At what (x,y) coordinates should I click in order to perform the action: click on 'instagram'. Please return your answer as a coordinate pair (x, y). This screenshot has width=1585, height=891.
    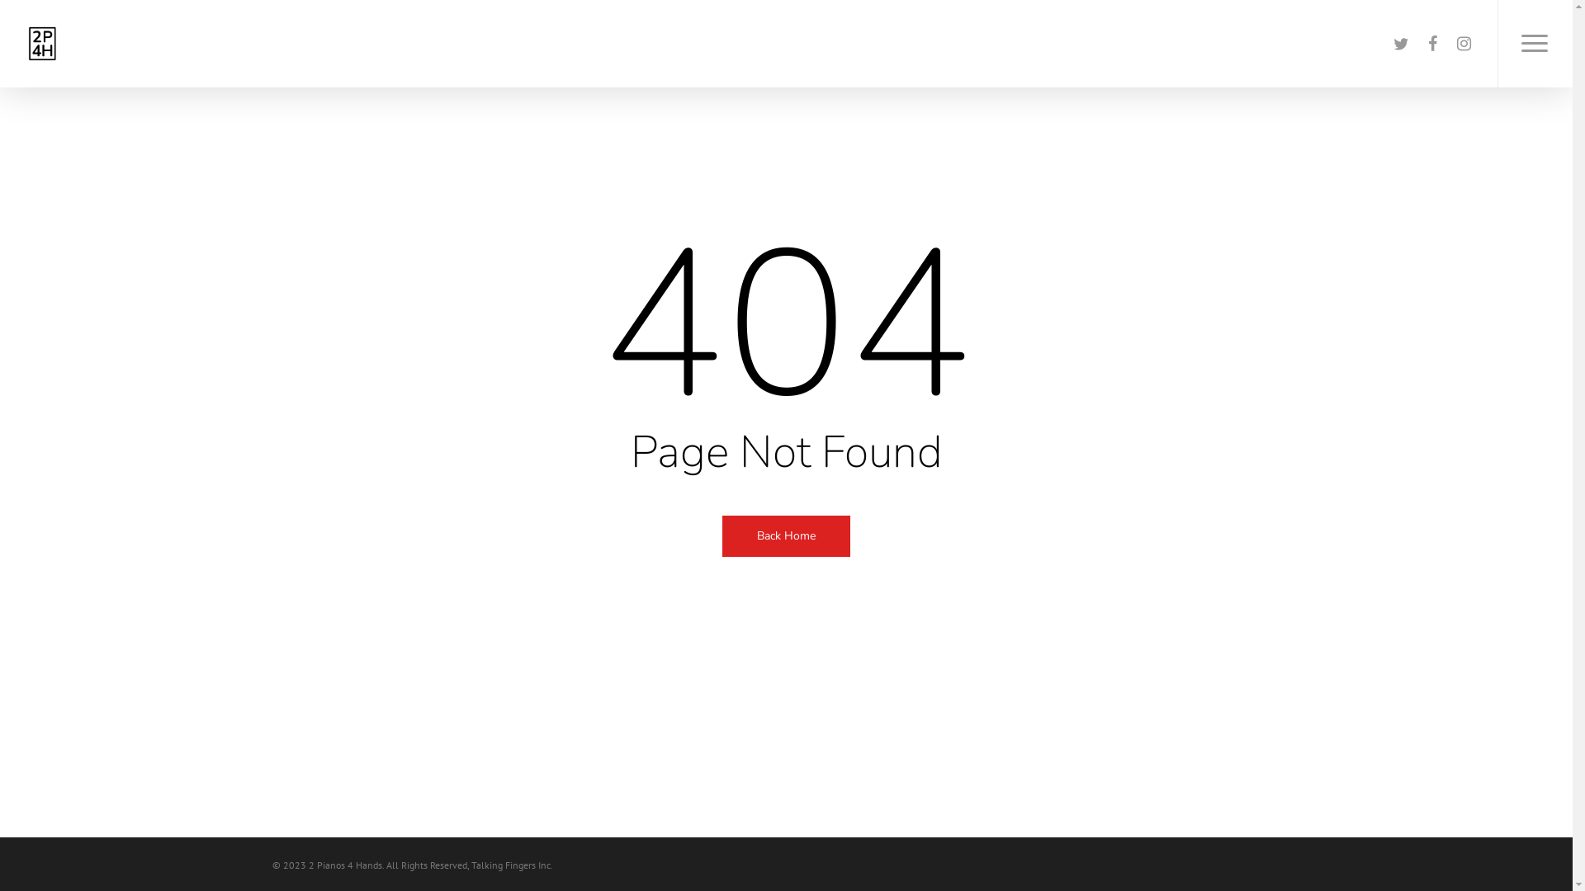
    Looking at the image, I should click on (1463, 43).